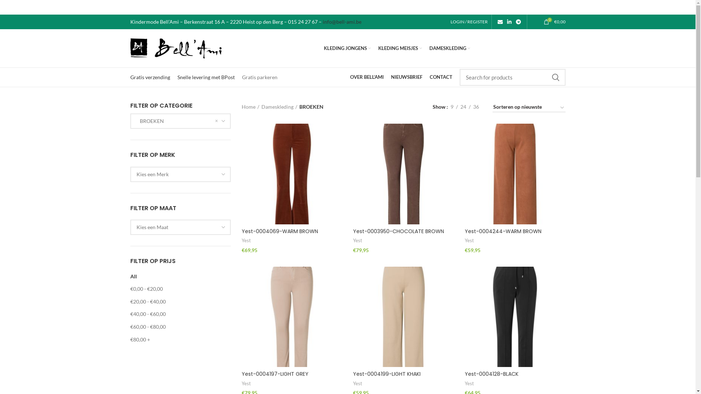 The width and height of the screenshot is (701, 394). I want to click on 'SEARCH', so click(546, 77).